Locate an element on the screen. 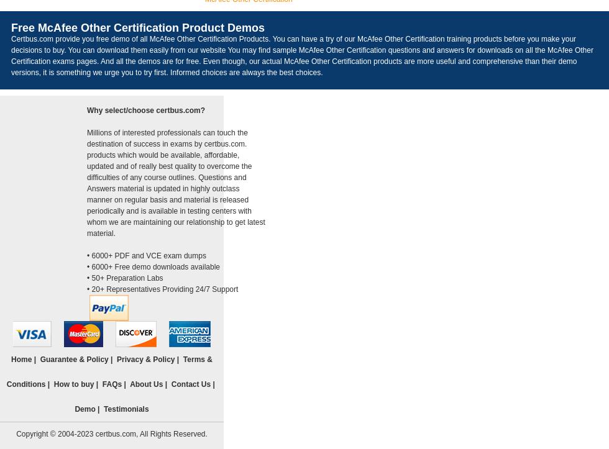 This screenshot has width=609, height=449. 'Home' is located at coordinates (11, 358).